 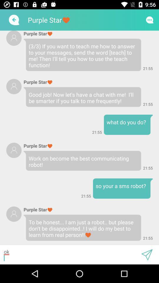 I want to click on send message, so click(x=147, y=254).